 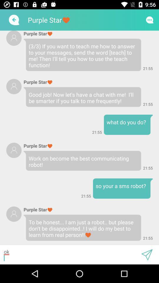 I want to click on send message, so click(x=147, y=254).